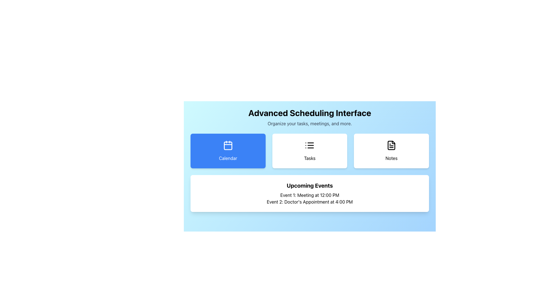  What do you see at coordinates (228, 145) in the screenshot?
I see `the decorative graphical element that represents the main body of the calendar icon located in the 'Calendar' card at the top-left segment of the interface` at bounding box center [228, 145].